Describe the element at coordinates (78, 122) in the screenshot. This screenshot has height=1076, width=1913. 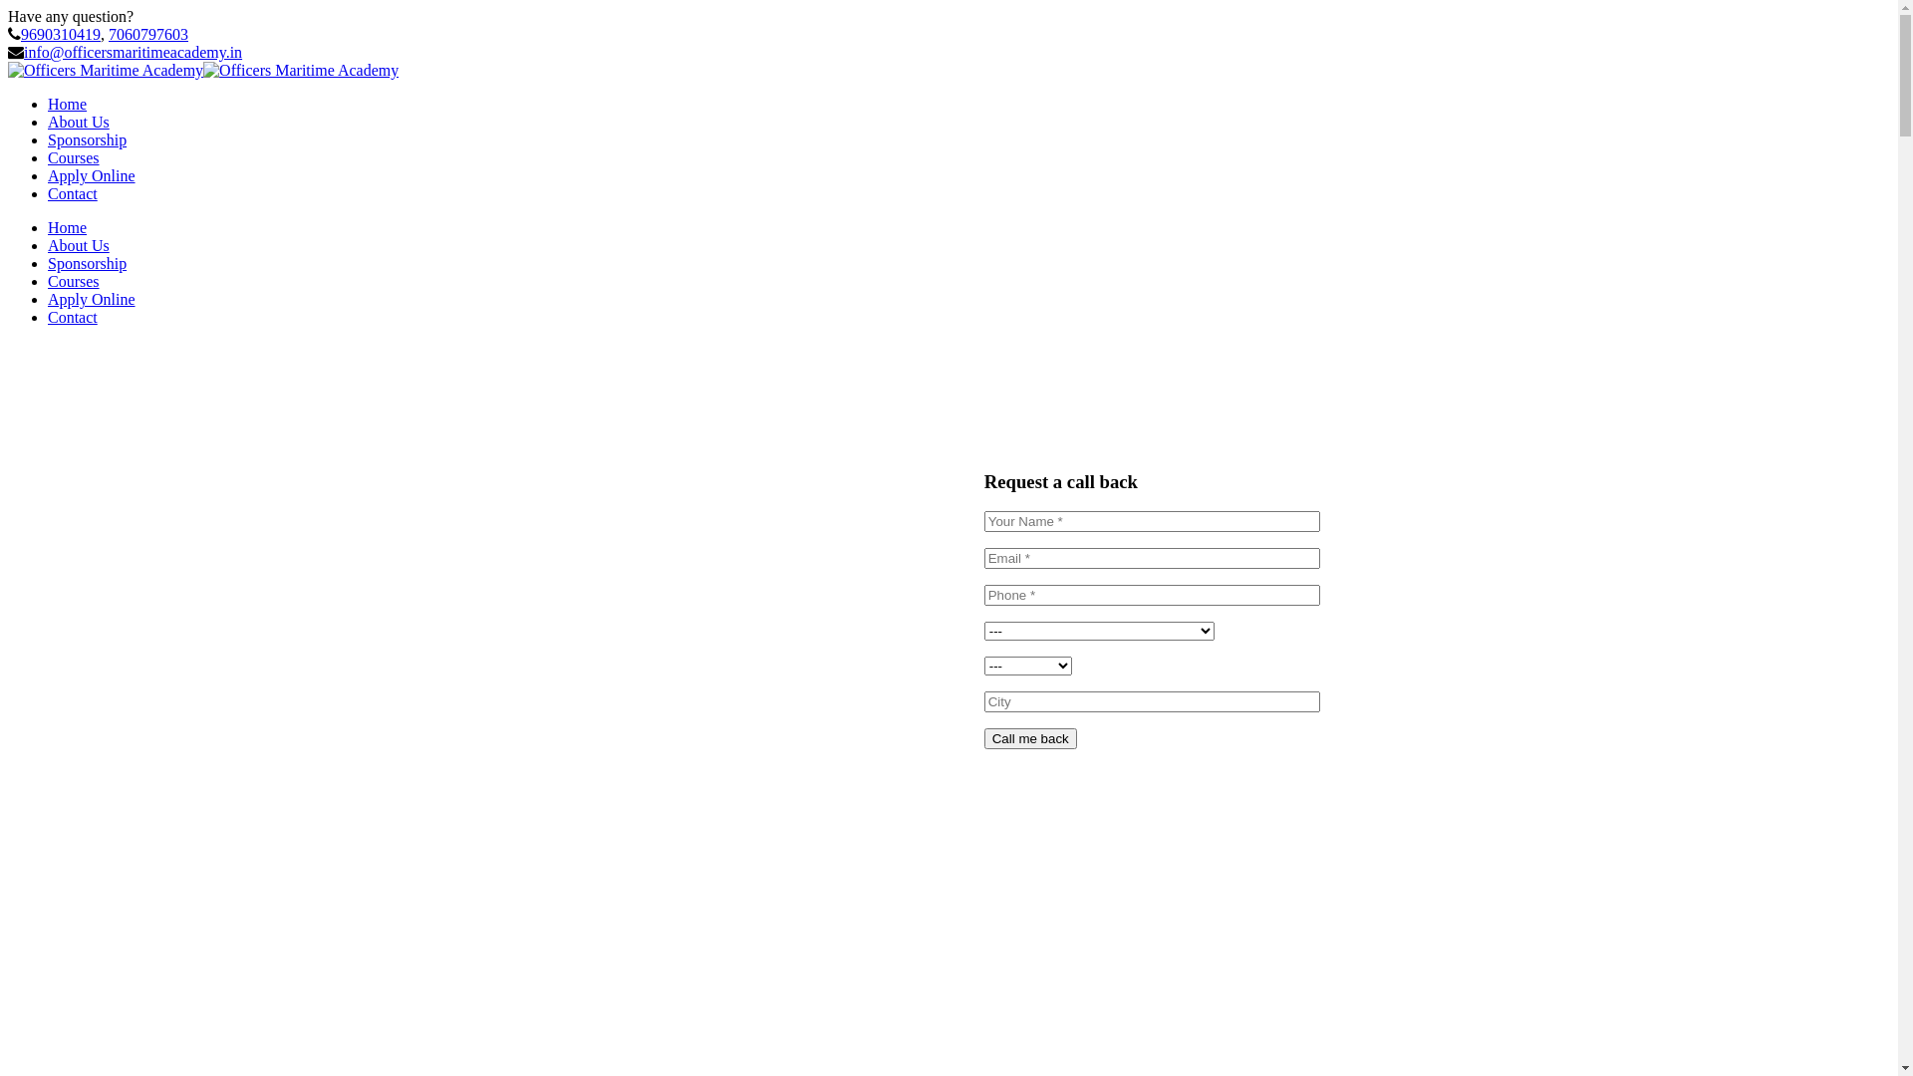
I see `'About Us'` at that location.